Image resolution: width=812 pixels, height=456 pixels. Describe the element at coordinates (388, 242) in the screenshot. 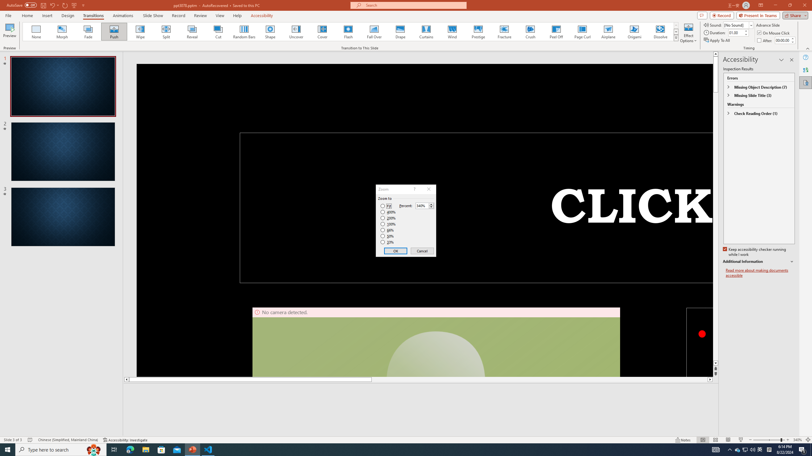

I see `'33%'` at that location.